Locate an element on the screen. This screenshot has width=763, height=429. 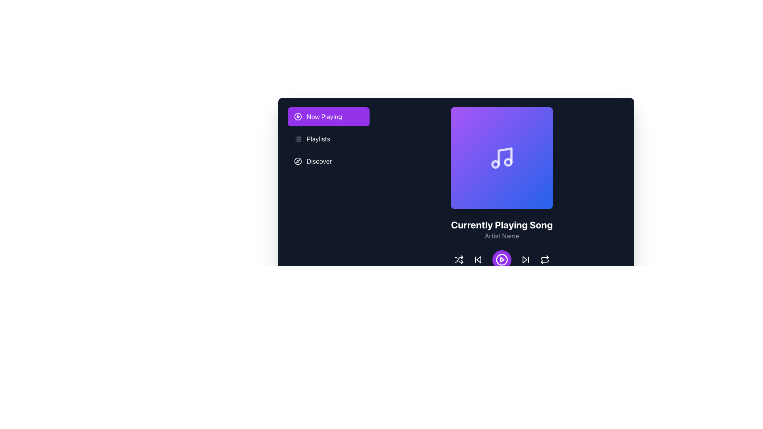
the media playback toggle button located at the center of the row of playback controls is located at coordinates (501, 260).